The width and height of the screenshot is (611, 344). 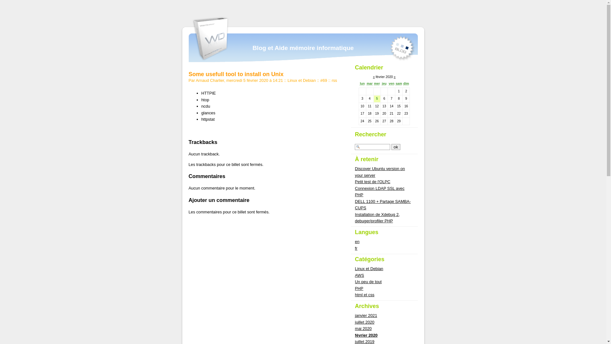 What do you see at coordinates (320, 80) in the screenshot?
I see `'#69'` at bounding box center [320, 80].